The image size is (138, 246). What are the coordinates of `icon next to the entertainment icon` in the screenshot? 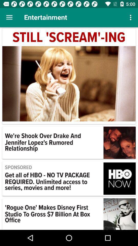 It's located at (131, 17).